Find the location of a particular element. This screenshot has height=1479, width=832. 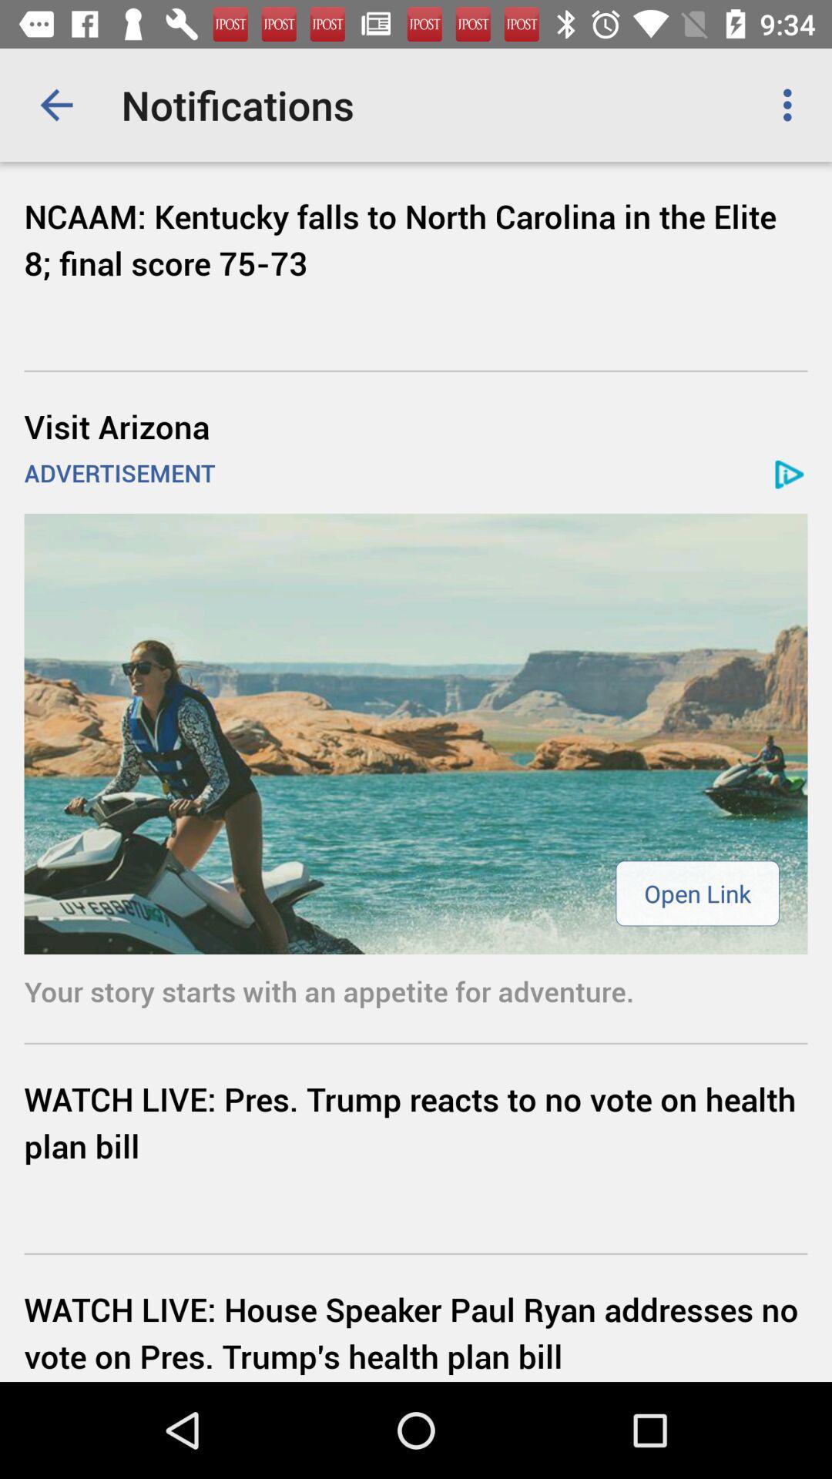

the icon next to notifications is located at coordinates (791, 104).